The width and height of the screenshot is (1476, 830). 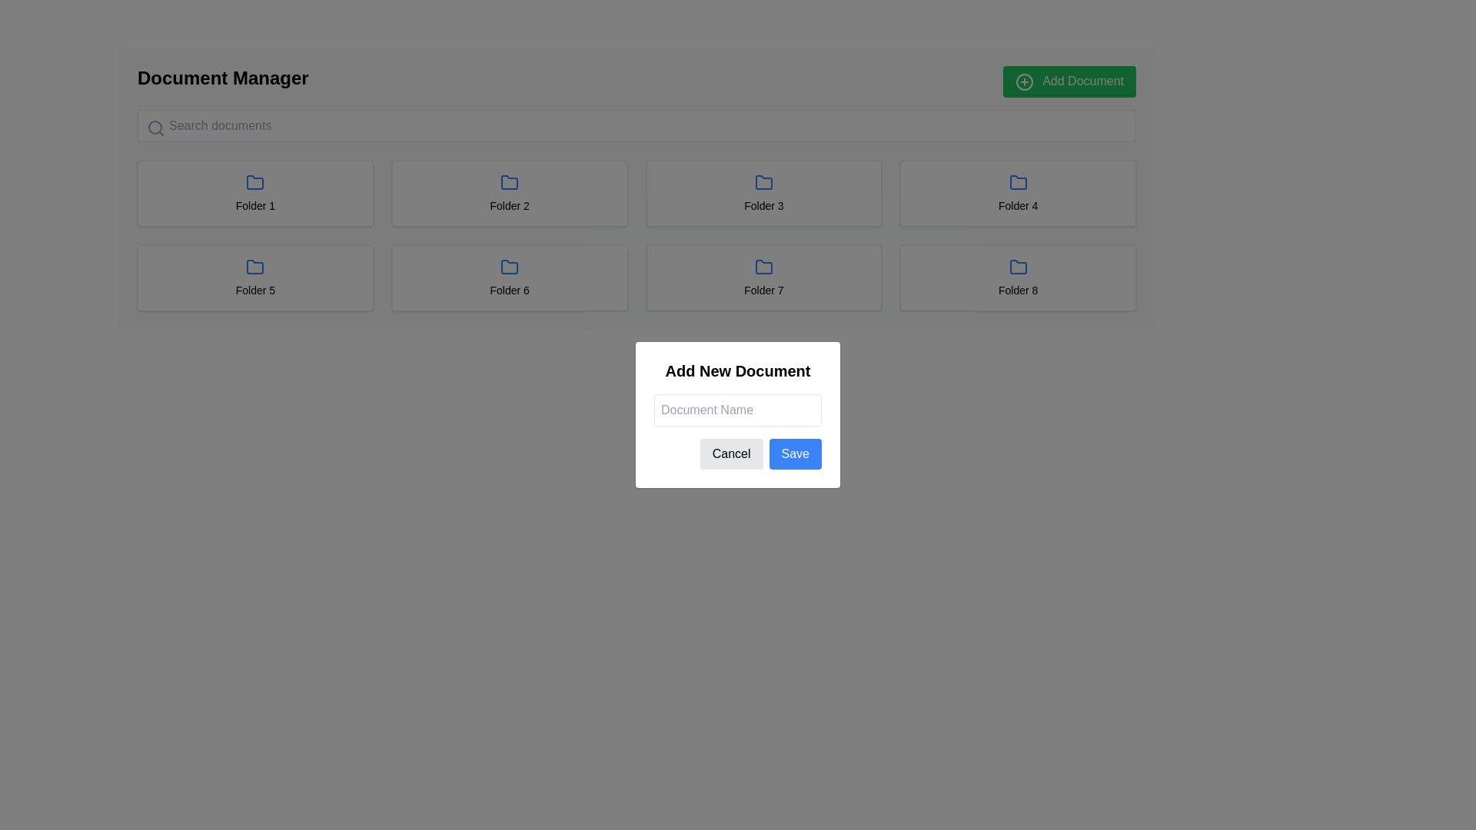 What do you see at coordinates (763, 290) in the screenshot?
I see `the text label that represents the title of the seventh folder in the grid, located beneath the blue folder icon` at bounding box center [763, 290].